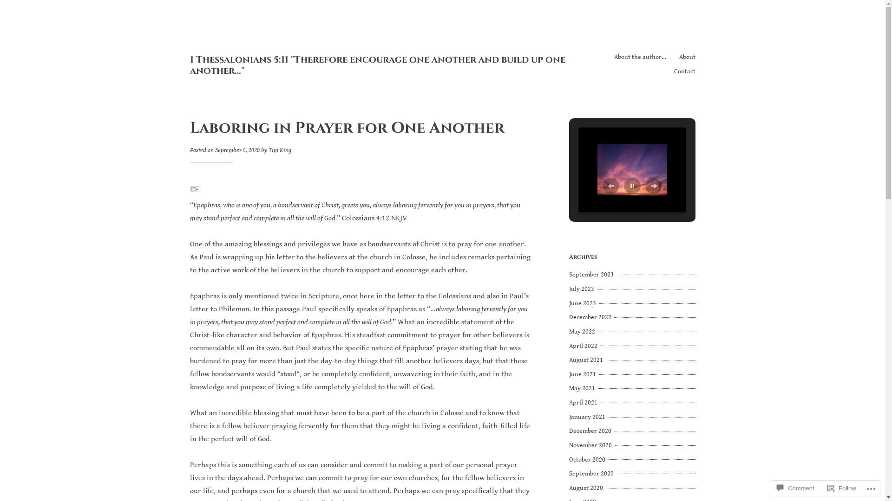 The width and height of the screenshot is (892, 501). Describe the element at coordinates (795, 488) in the screenshot. I see `'Comment'` at that location.